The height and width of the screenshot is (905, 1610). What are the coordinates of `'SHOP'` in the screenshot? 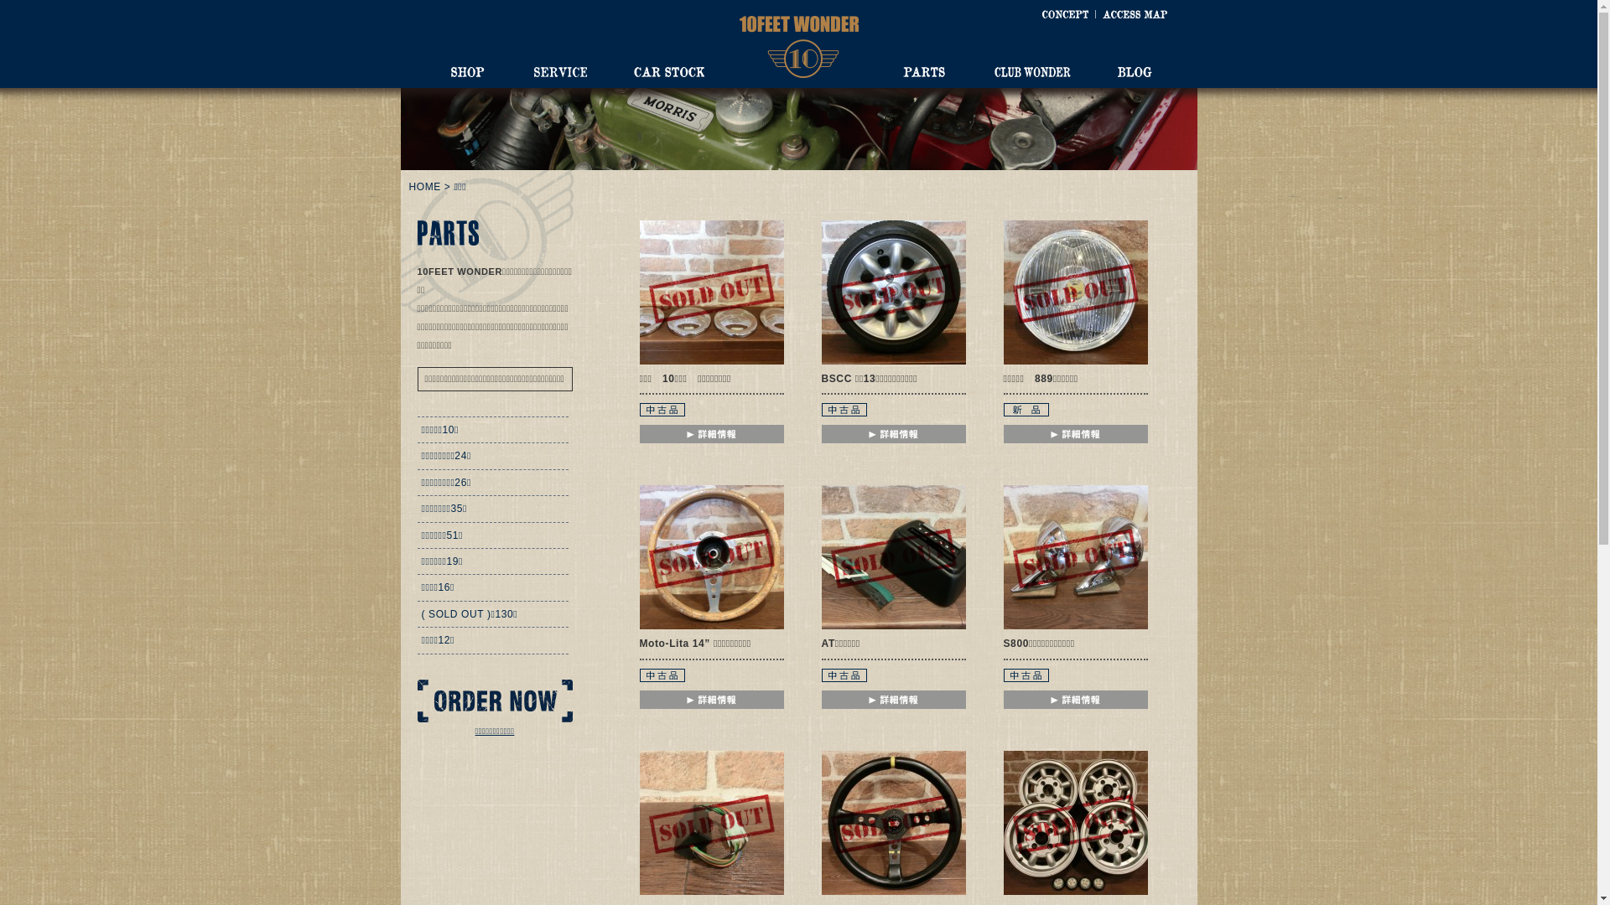 It's located at (467, 70).